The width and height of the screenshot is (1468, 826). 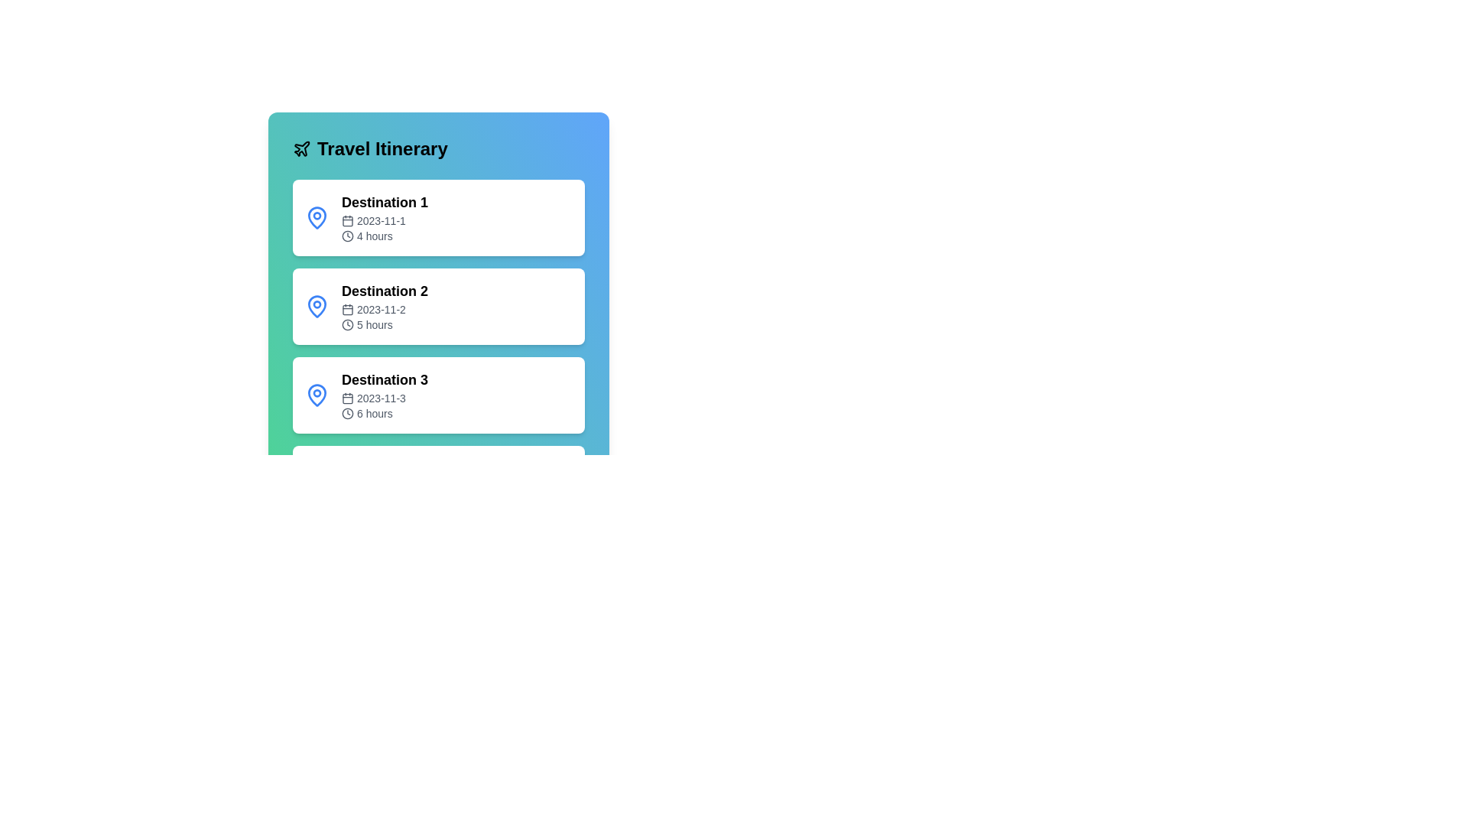 What do you see at coordinates (347, 310) in the screenshot?
I see `the calendar icon located to the left of the text '2023-11-2' in the 'Destination 2' row of the travel destinations list` at bounding box center [347, 310].